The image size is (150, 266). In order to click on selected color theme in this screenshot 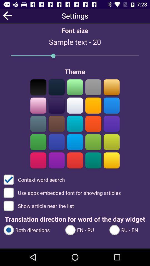, I will do `click(93, 105)`.